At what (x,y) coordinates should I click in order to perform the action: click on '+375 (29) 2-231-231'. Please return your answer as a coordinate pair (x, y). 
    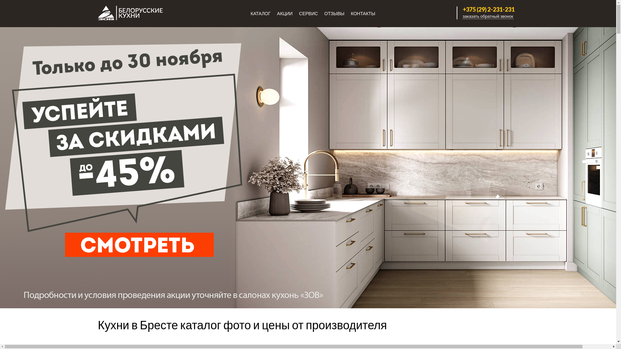
    Looking at the image, I should click on (457, 9).